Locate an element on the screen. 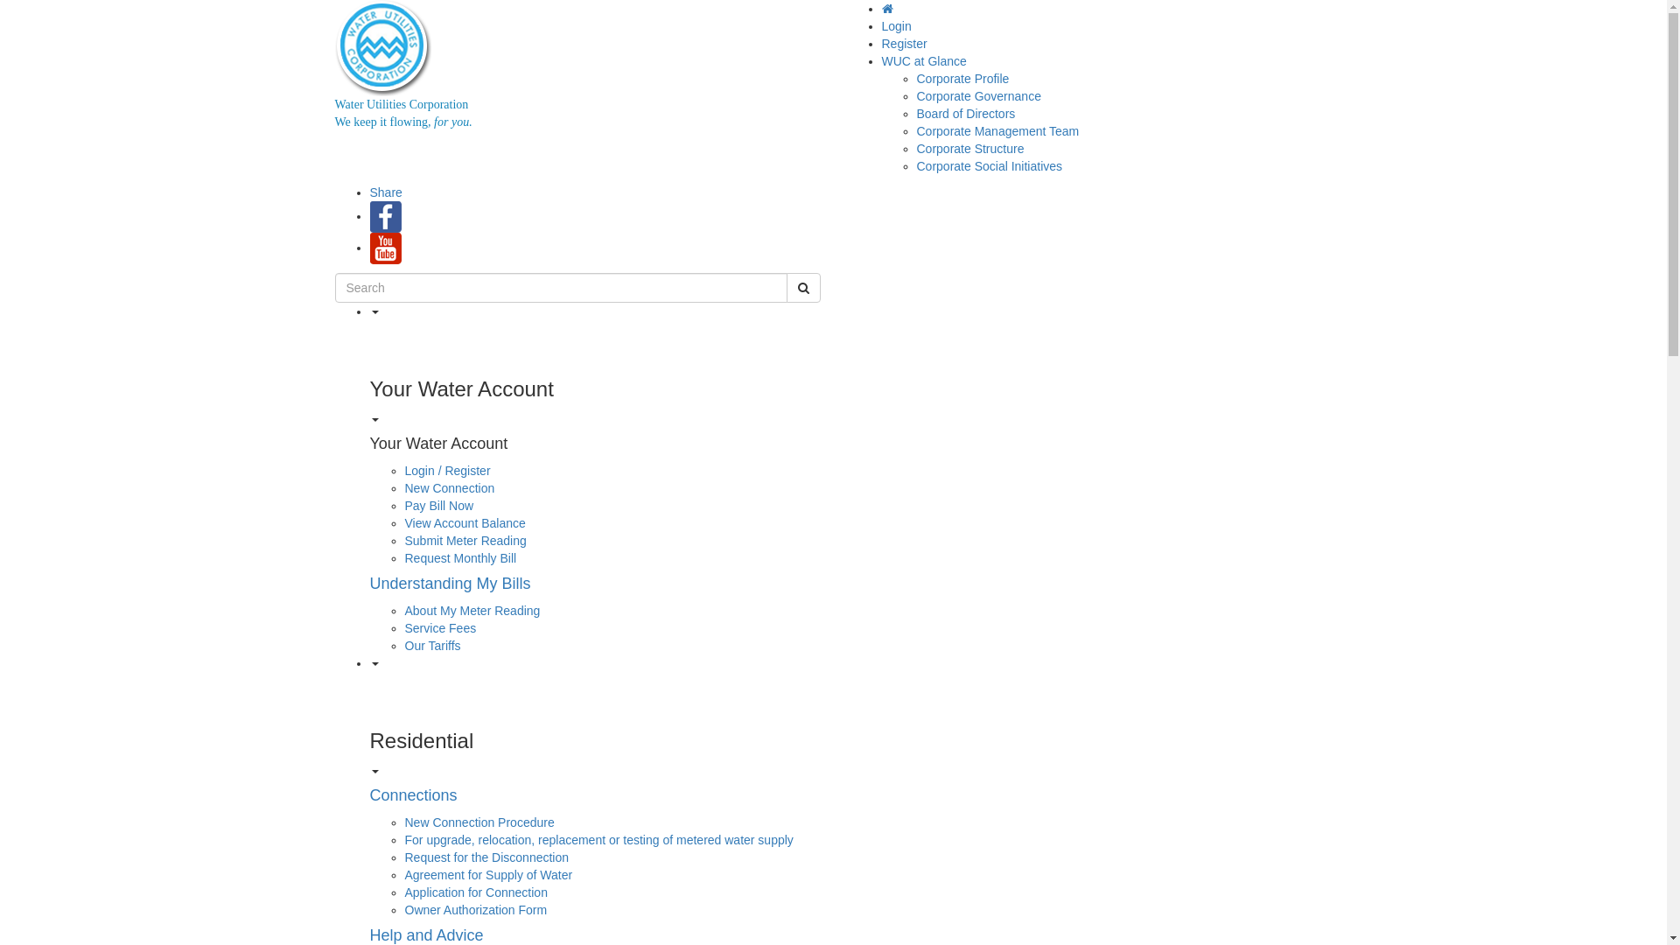 Image resolution: width=1680 pixels, height=945 pixels. 'Pay Bill Now' is located at coordinates (402, 506).